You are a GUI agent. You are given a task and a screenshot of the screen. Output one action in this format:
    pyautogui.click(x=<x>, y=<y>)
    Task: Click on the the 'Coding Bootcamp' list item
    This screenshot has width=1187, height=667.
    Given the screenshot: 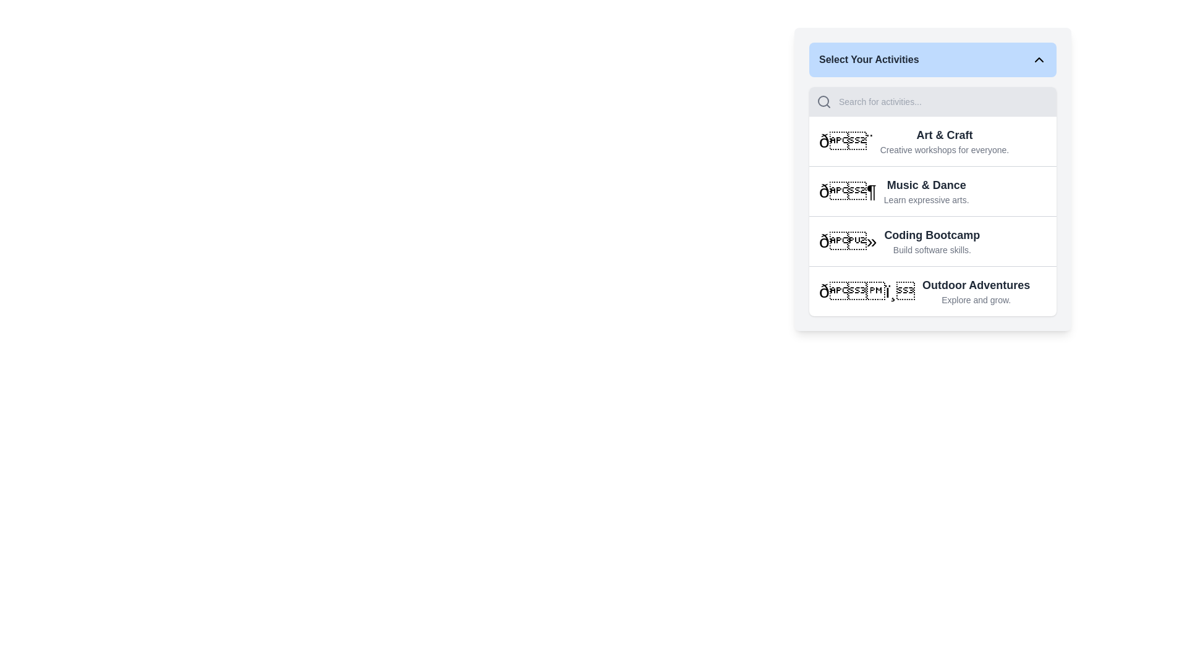 What is the action you would take?
    pyautogui.click(x=932, y=240)
    